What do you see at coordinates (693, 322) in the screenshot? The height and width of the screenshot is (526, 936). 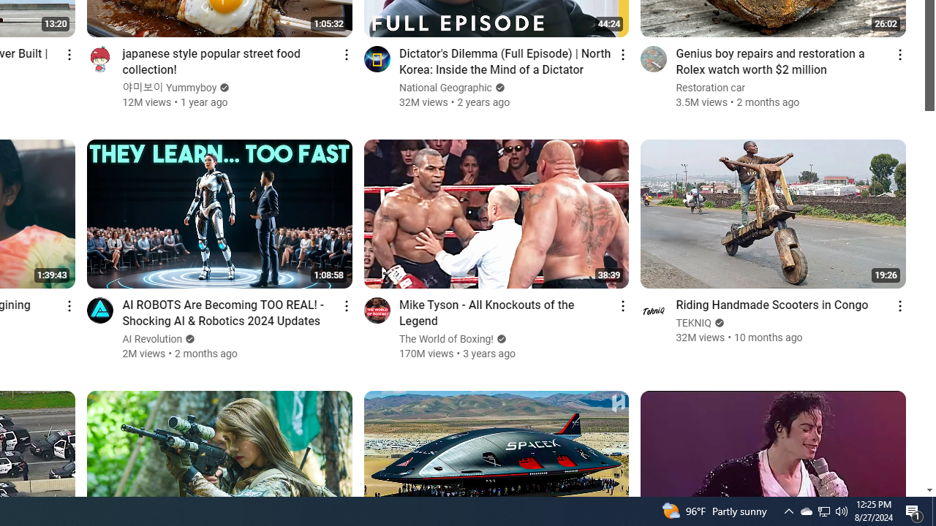 I see `'TEKNIQ'` at bounding box center [693, 322].